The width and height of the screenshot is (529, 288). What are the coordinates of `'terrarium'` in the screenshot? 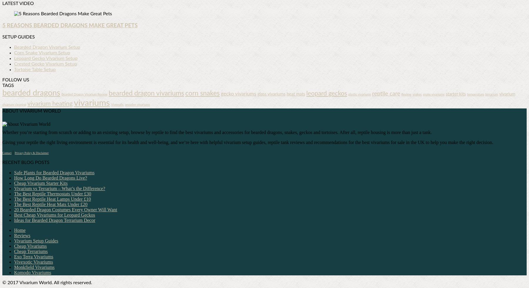 It's located at (491, 94).